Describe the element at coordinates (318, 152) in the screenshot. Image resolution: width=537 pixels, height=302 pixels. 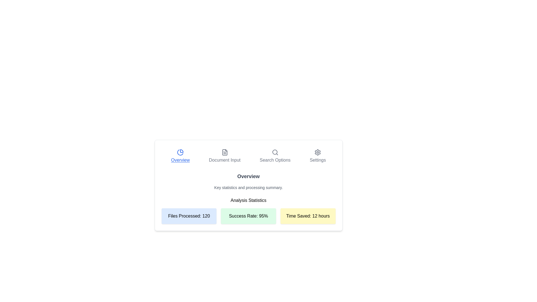
I see `the cogwheel icon located in the upper-right corner of the interface` at that location.